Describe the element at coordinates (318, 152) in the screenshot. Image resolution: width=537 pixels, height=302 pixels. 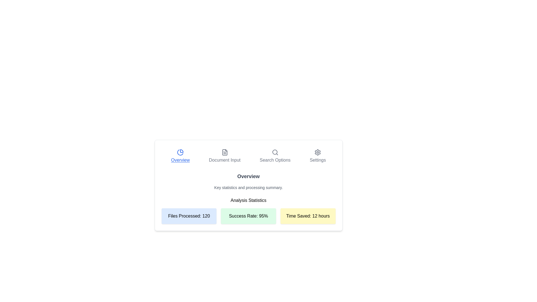
I see `the cogwheel icon located in the upper-right corner of the interface` at that location.